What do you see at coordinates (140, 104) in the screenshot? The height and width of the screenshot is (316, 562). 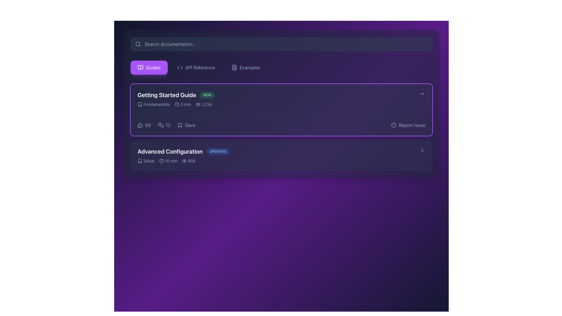 I see `the outlined book icon which is part of a lightweight vector representation located in the upper portion of the interface, adjacent to the highlighted 'Guides' section button` at bounding box center [140, 104].